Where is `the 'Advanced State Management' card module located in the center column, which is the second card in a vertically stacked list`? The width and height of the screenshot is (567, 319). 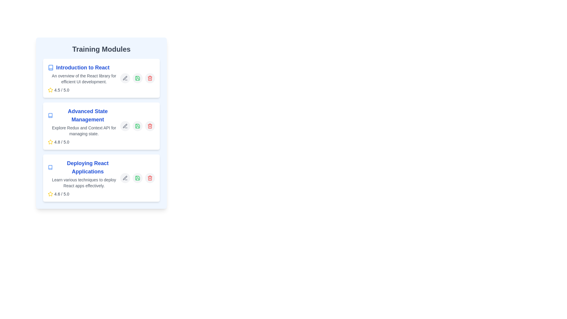 the 'Advanced State Management' card module located in the center column, which is the second card in a vertically stacked list is located at coordinates (84, 126).